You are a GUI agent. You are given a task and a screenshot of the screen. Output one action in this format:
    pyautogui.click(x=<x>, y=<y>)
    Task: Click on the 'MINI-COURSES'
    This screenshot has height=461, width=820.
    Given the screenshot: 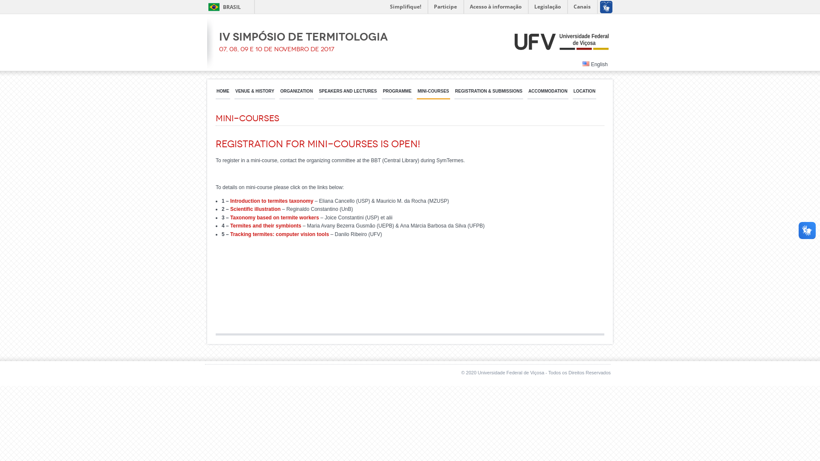 What is the action you would take?
    pyautogui.click(x=416, y=93)
    